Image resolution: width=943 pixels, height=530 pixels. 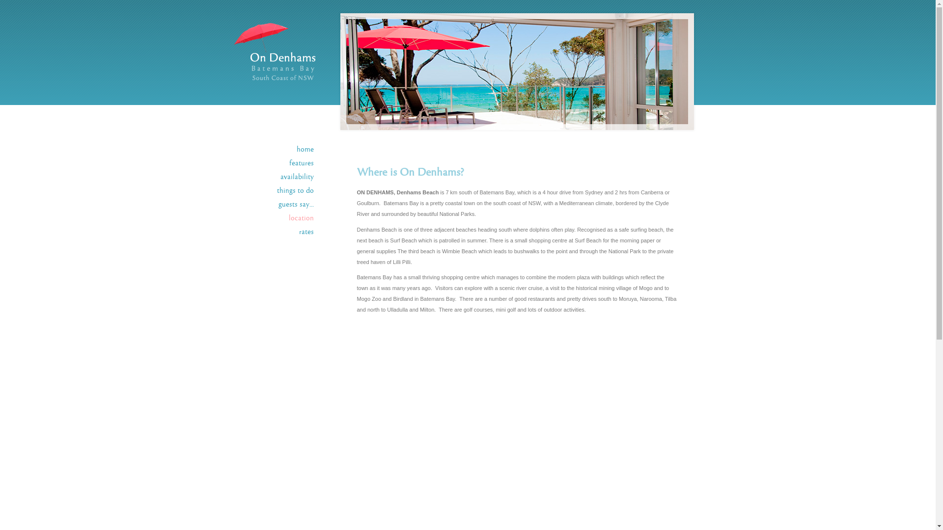 I want to click on 'availability', so click(x=296, y=177).